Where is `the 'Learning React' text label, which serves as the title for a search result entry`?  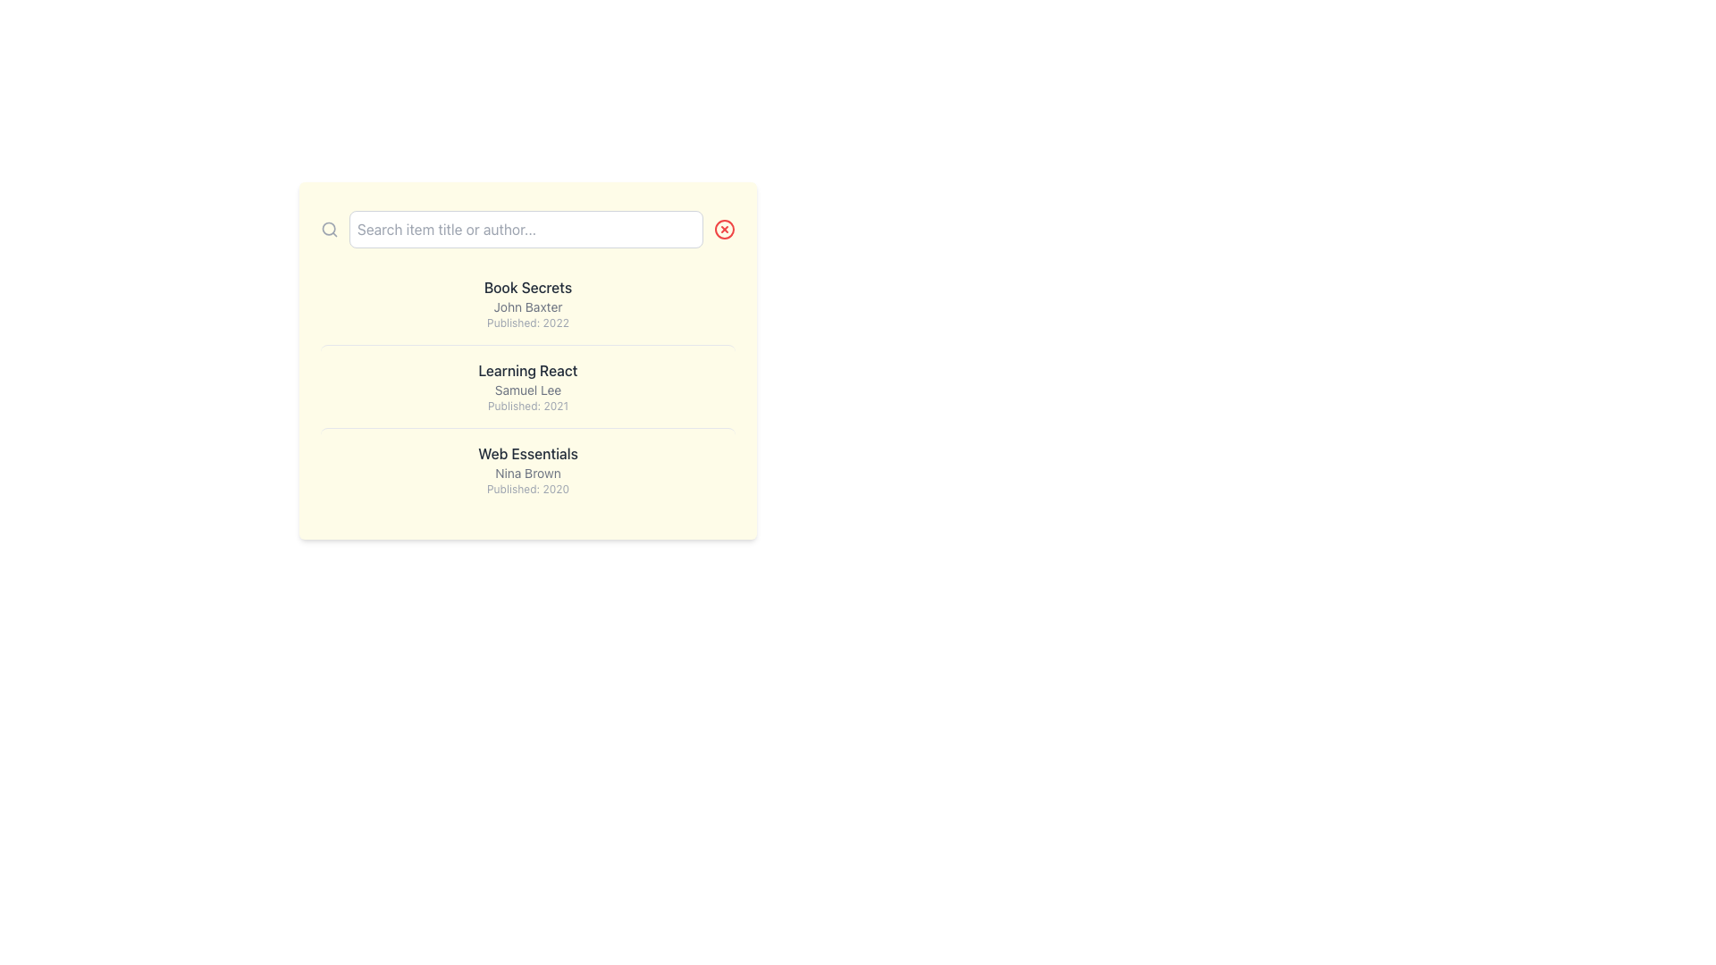 the 'Learning React' text label, which serves as the title for a search result entry is located at coordinates (526, 370).